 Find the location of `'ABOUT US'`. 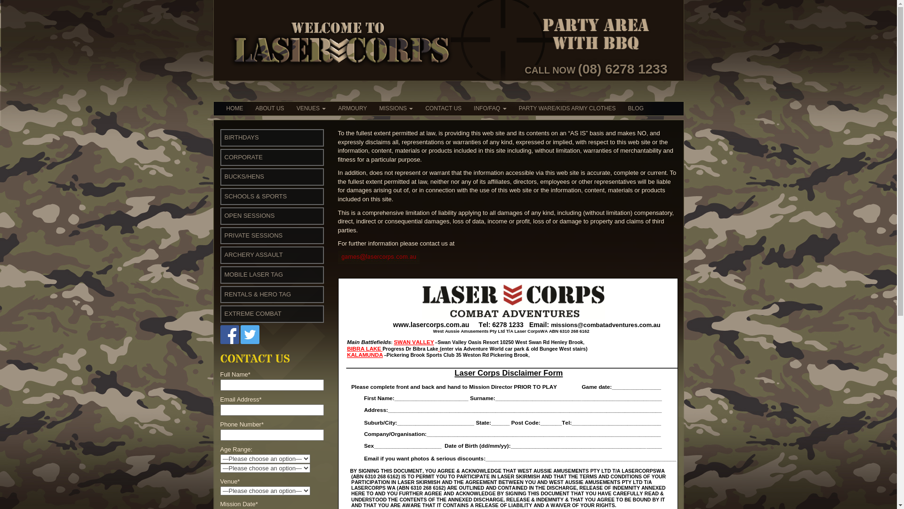

'ABOUT US' is located at coordinates (269, 108).